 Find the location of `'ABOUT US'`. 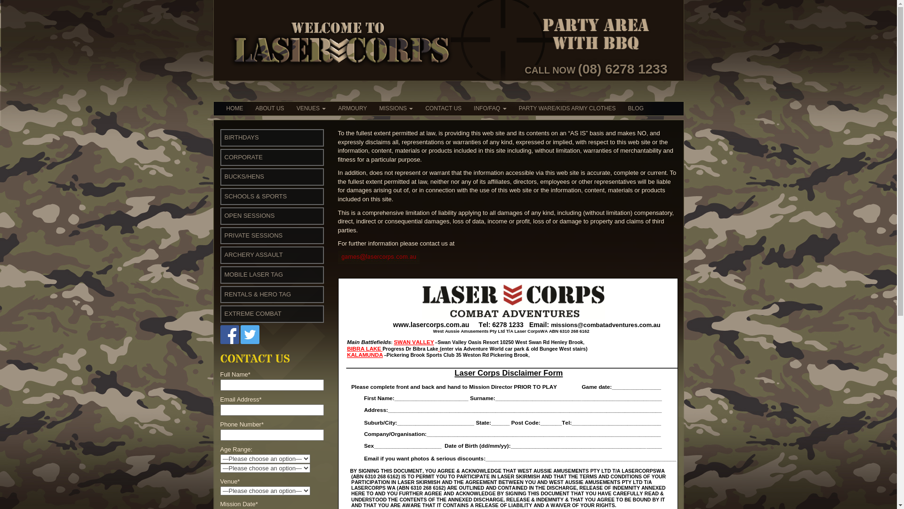

'ABOUT US' is located at coordinates (269, 108).